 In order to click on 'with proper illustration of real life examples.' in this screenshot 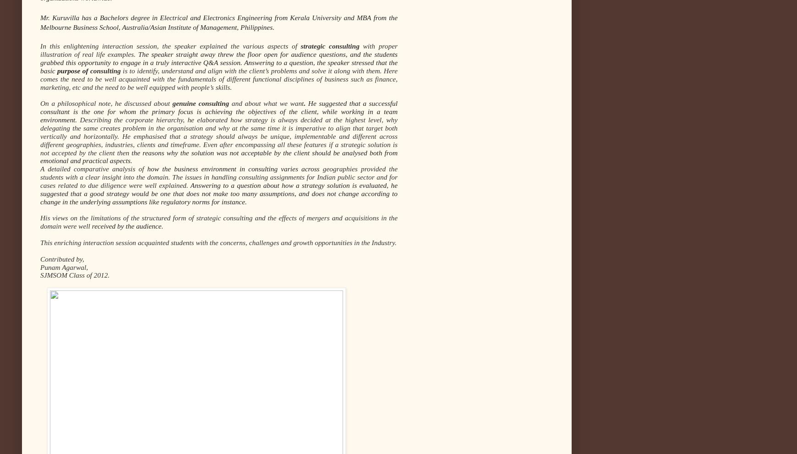, I will do `click(218, 49)`.